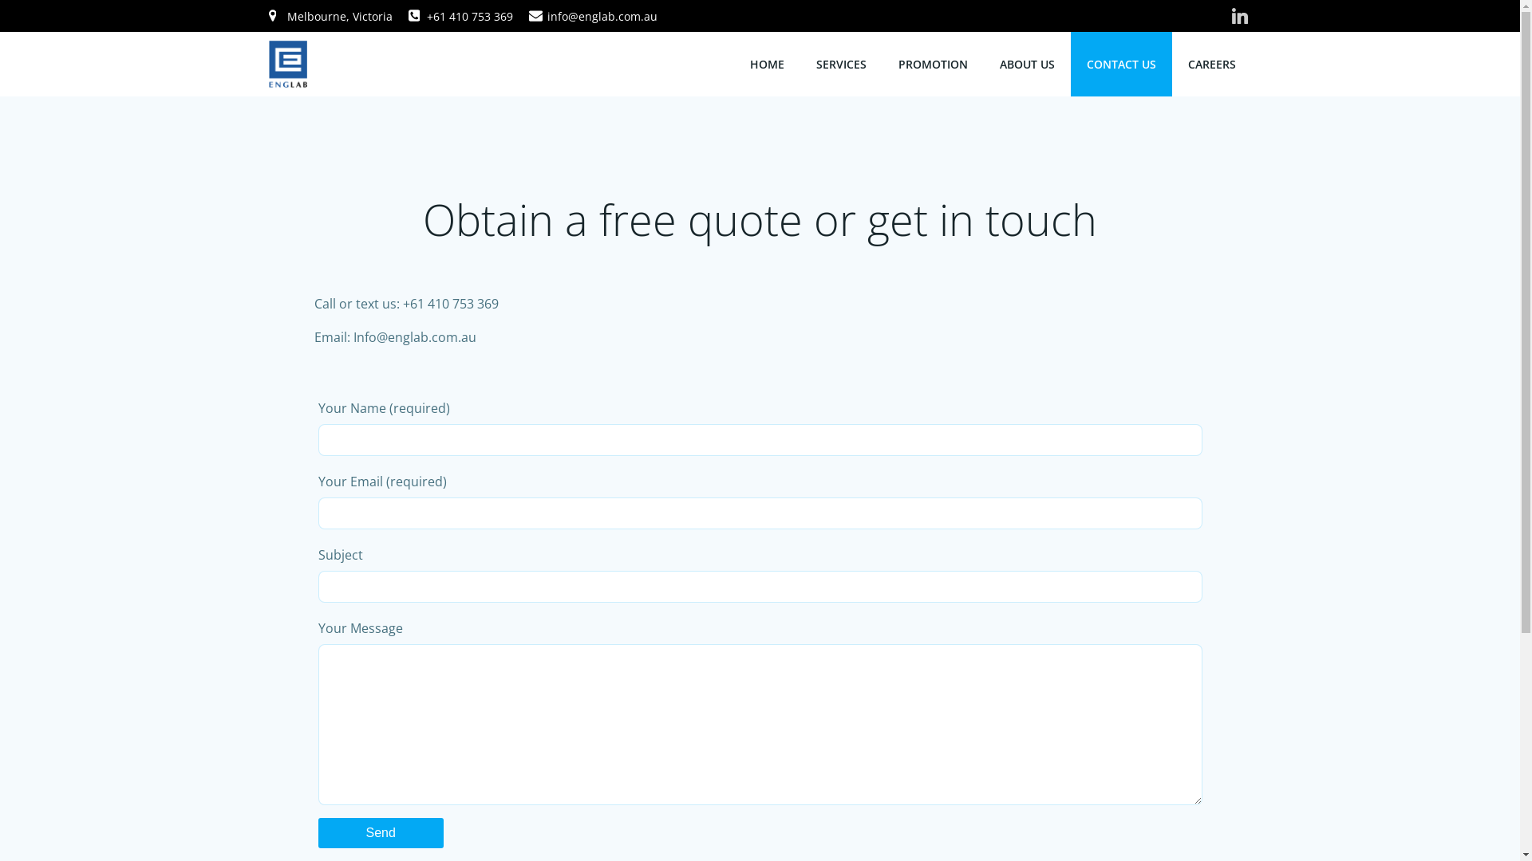 The width and height of the screenshot is (1532, 861). What do you see at coordinates (1120, 63) in the screenshot?
I see `'CONTACT US'` at bounding box center [1120, 63].